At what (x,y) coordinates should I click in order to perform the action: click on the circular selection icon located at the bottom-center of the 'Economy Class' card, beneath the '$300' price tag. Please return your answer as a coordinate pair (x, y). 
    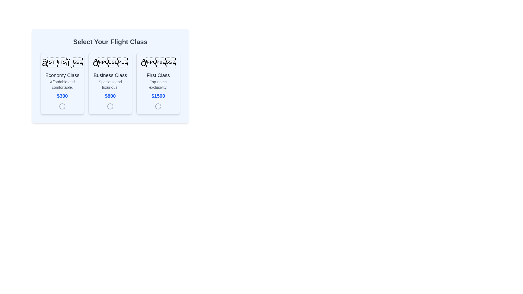
    Looking at the image, I should click on (62, 106).